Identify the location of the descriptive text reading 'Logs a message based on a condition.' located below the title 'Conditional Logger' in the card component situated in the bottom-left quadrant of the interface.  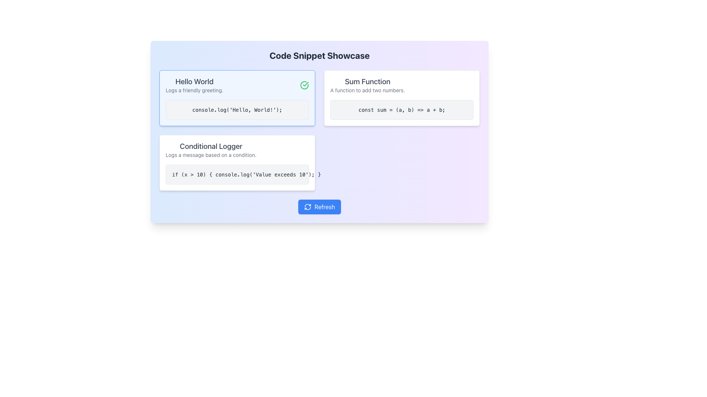
(211, 154).